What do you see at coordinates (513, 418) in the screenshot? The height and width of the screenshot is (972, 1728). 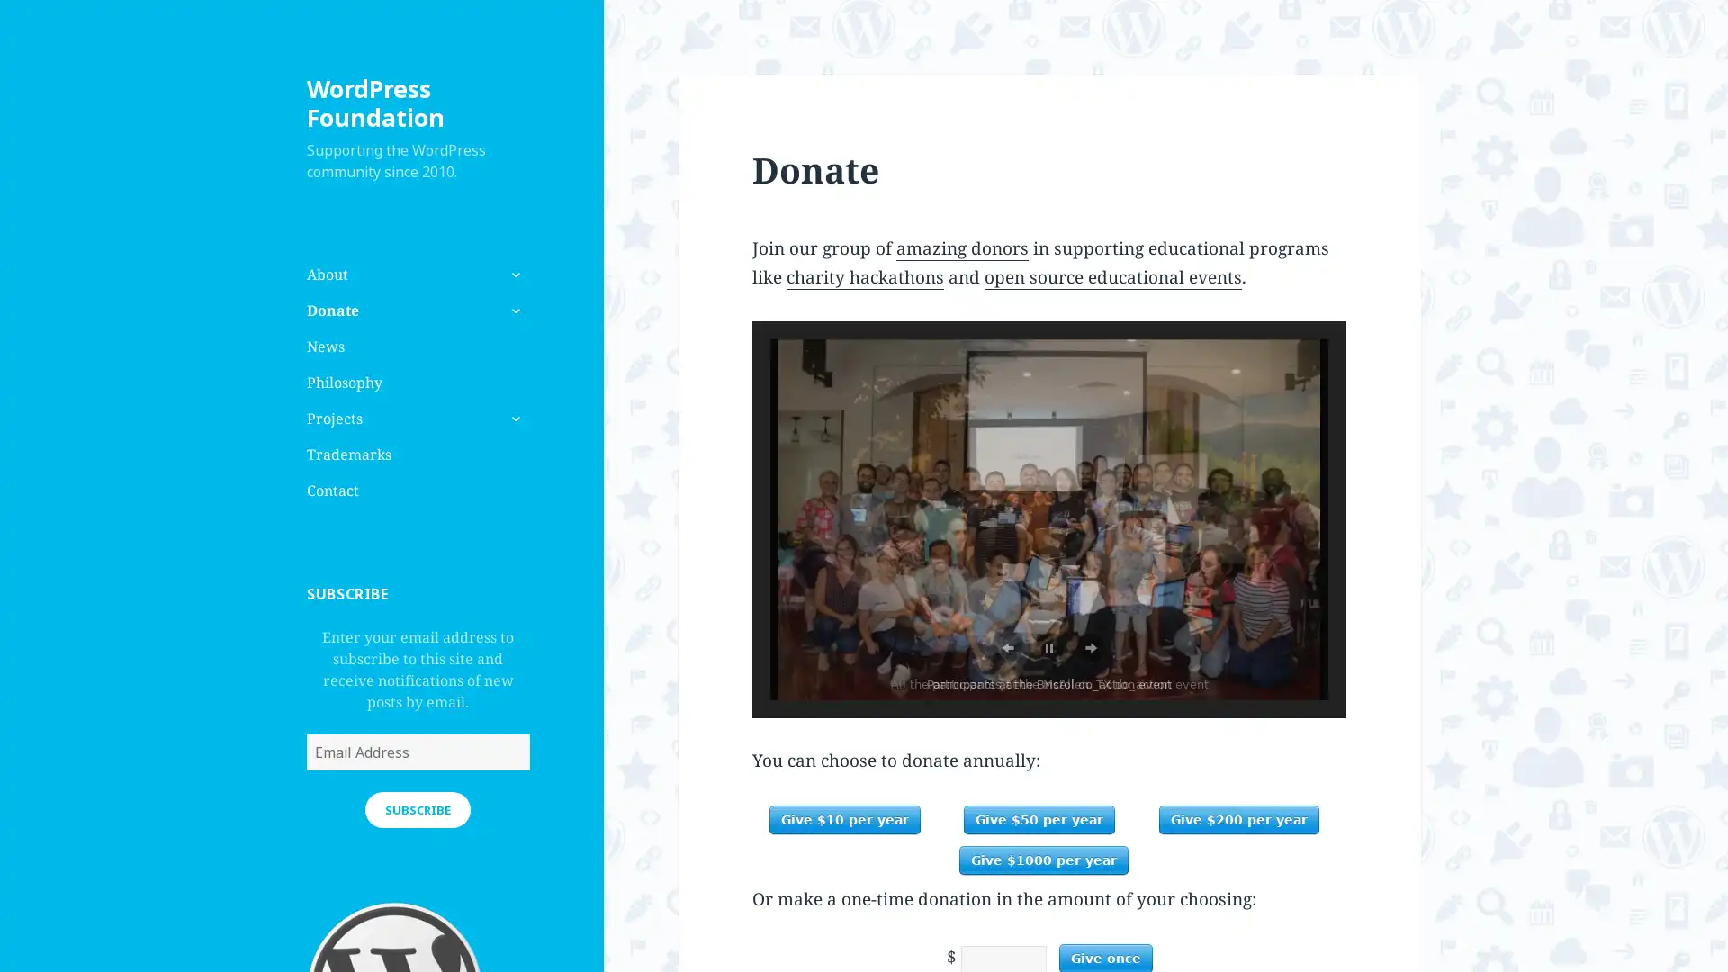 I see `expand child menu` at bounding box center [513, 418].